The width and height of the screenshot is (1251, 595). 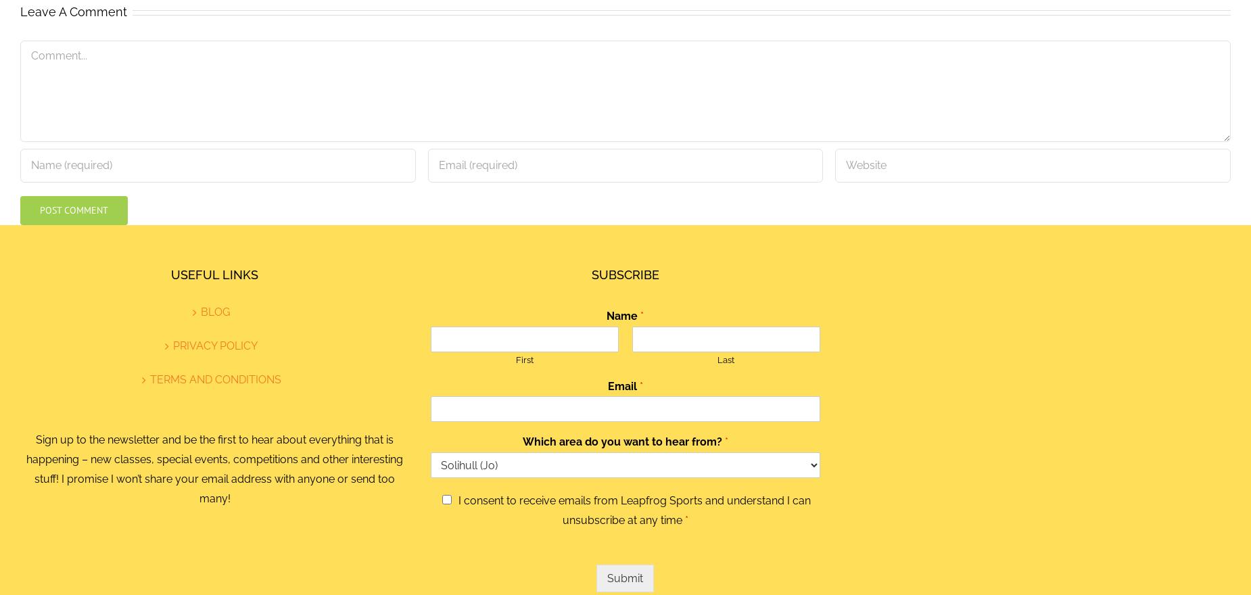 I want to click on 'Leave A Comment', so click(x=72, y=11).